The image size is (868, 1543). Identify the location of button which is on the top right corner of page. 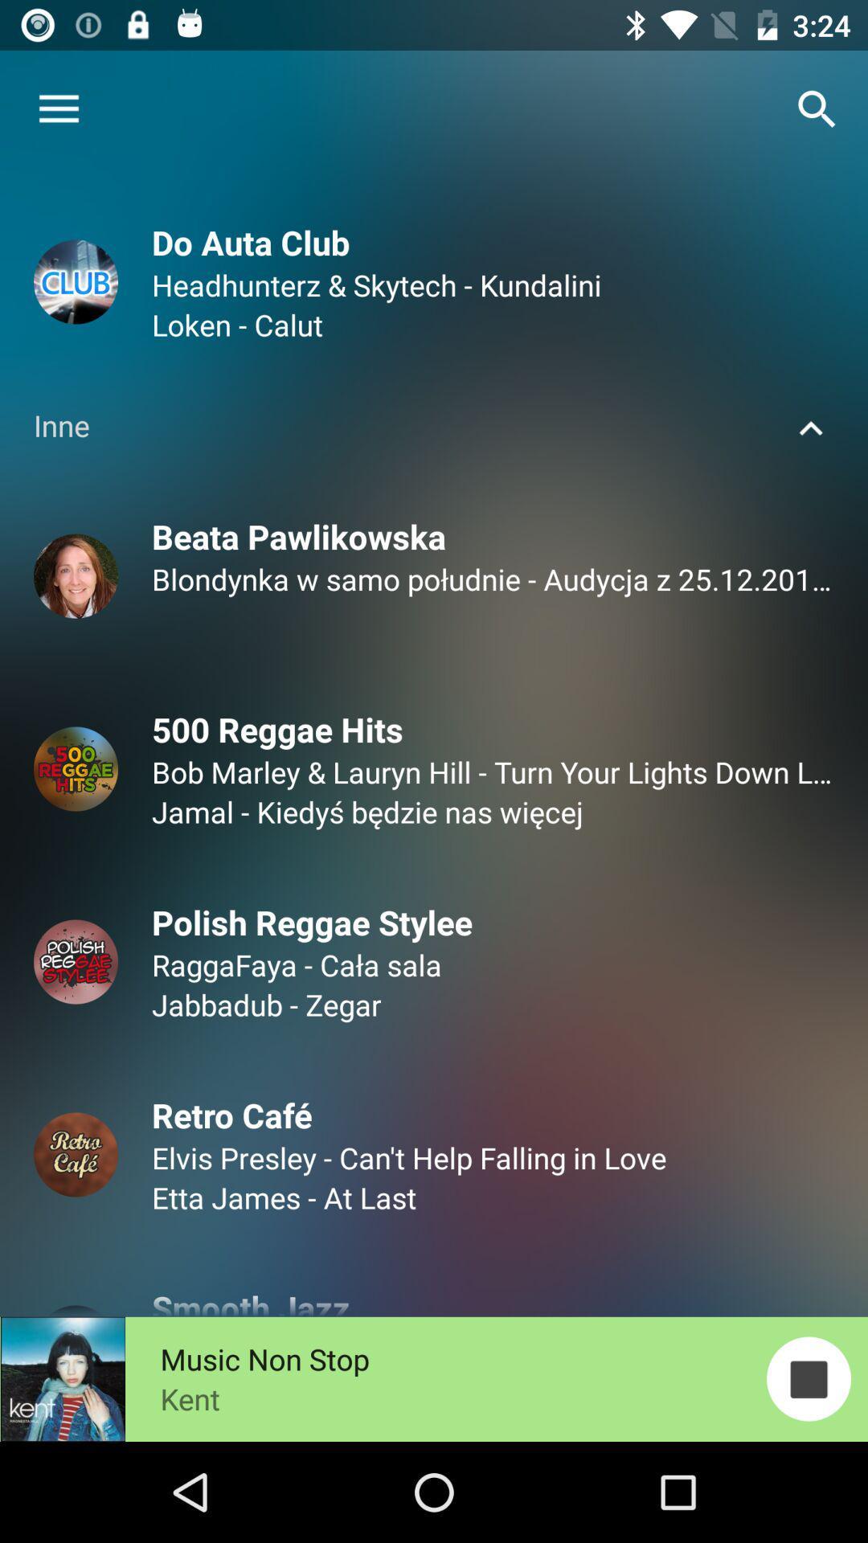
(817, 109).